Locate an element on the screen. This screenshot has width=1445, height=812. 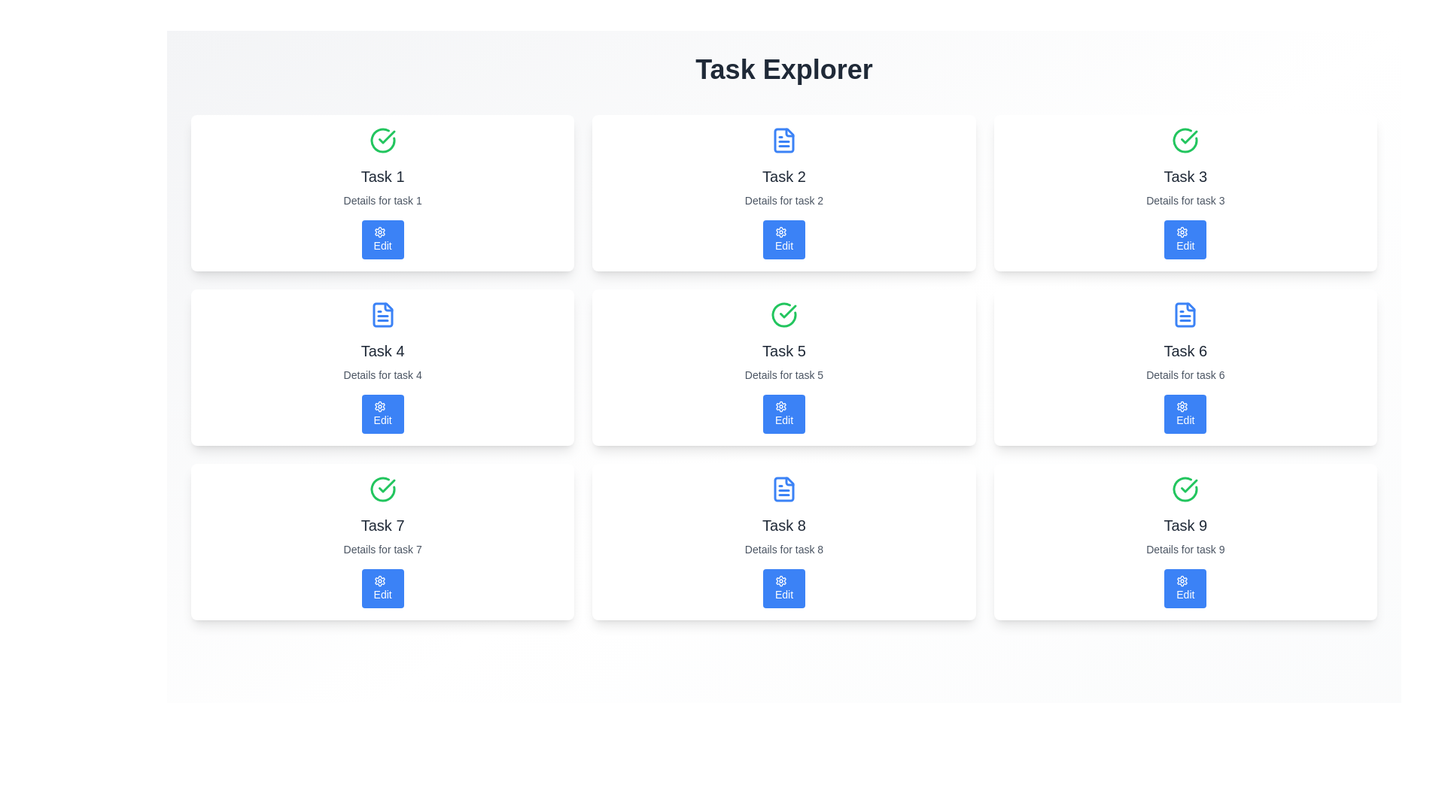
the information represented by the green checkmark icon within a circle, which indicates completion for 'Task 3' is located at coordinates (1188, 137).